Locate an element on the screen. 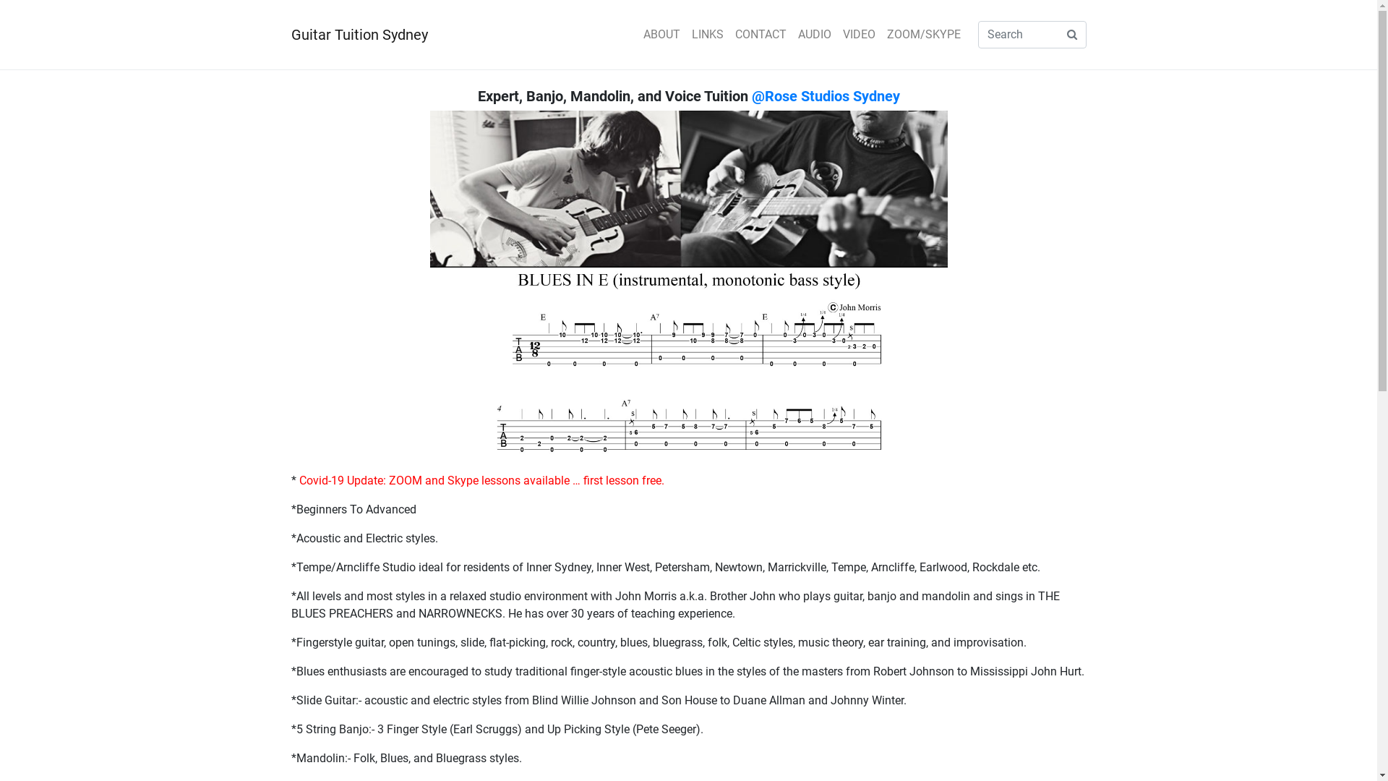  'CONTACT' is located at coordinates (759, 33).